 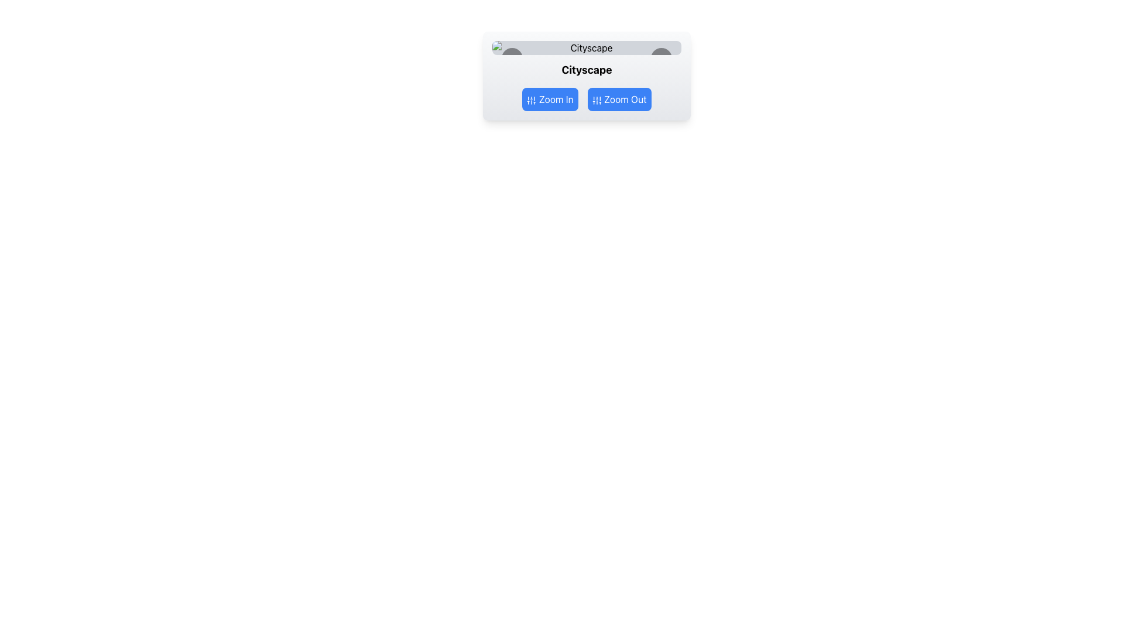 I want to click on the blue SVG icon representing the settings symbol located to the left of the 'Zoom Out' text inside the blue button, so click(x=597, y=99).